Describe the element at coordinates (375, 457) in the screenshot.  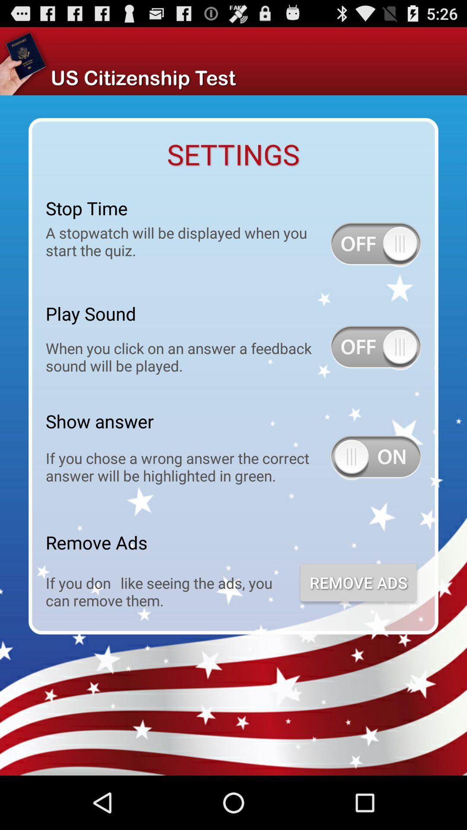
I see `third switch button in settings` at that location.